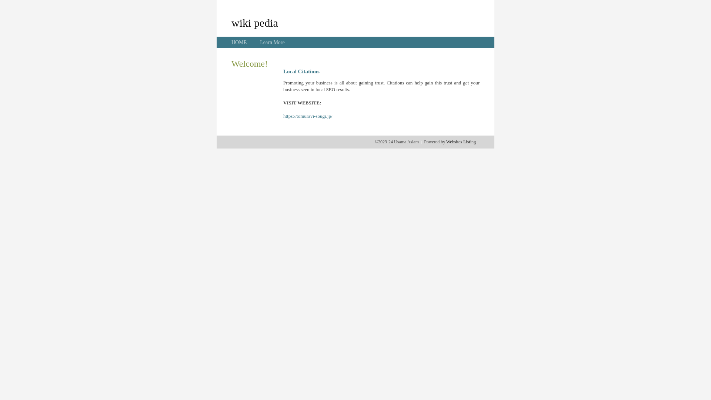 The image size is (711, 400). Describe the element at coordinates (254, 22) in the screenshot. I see `'wiki pedia'` at that location.